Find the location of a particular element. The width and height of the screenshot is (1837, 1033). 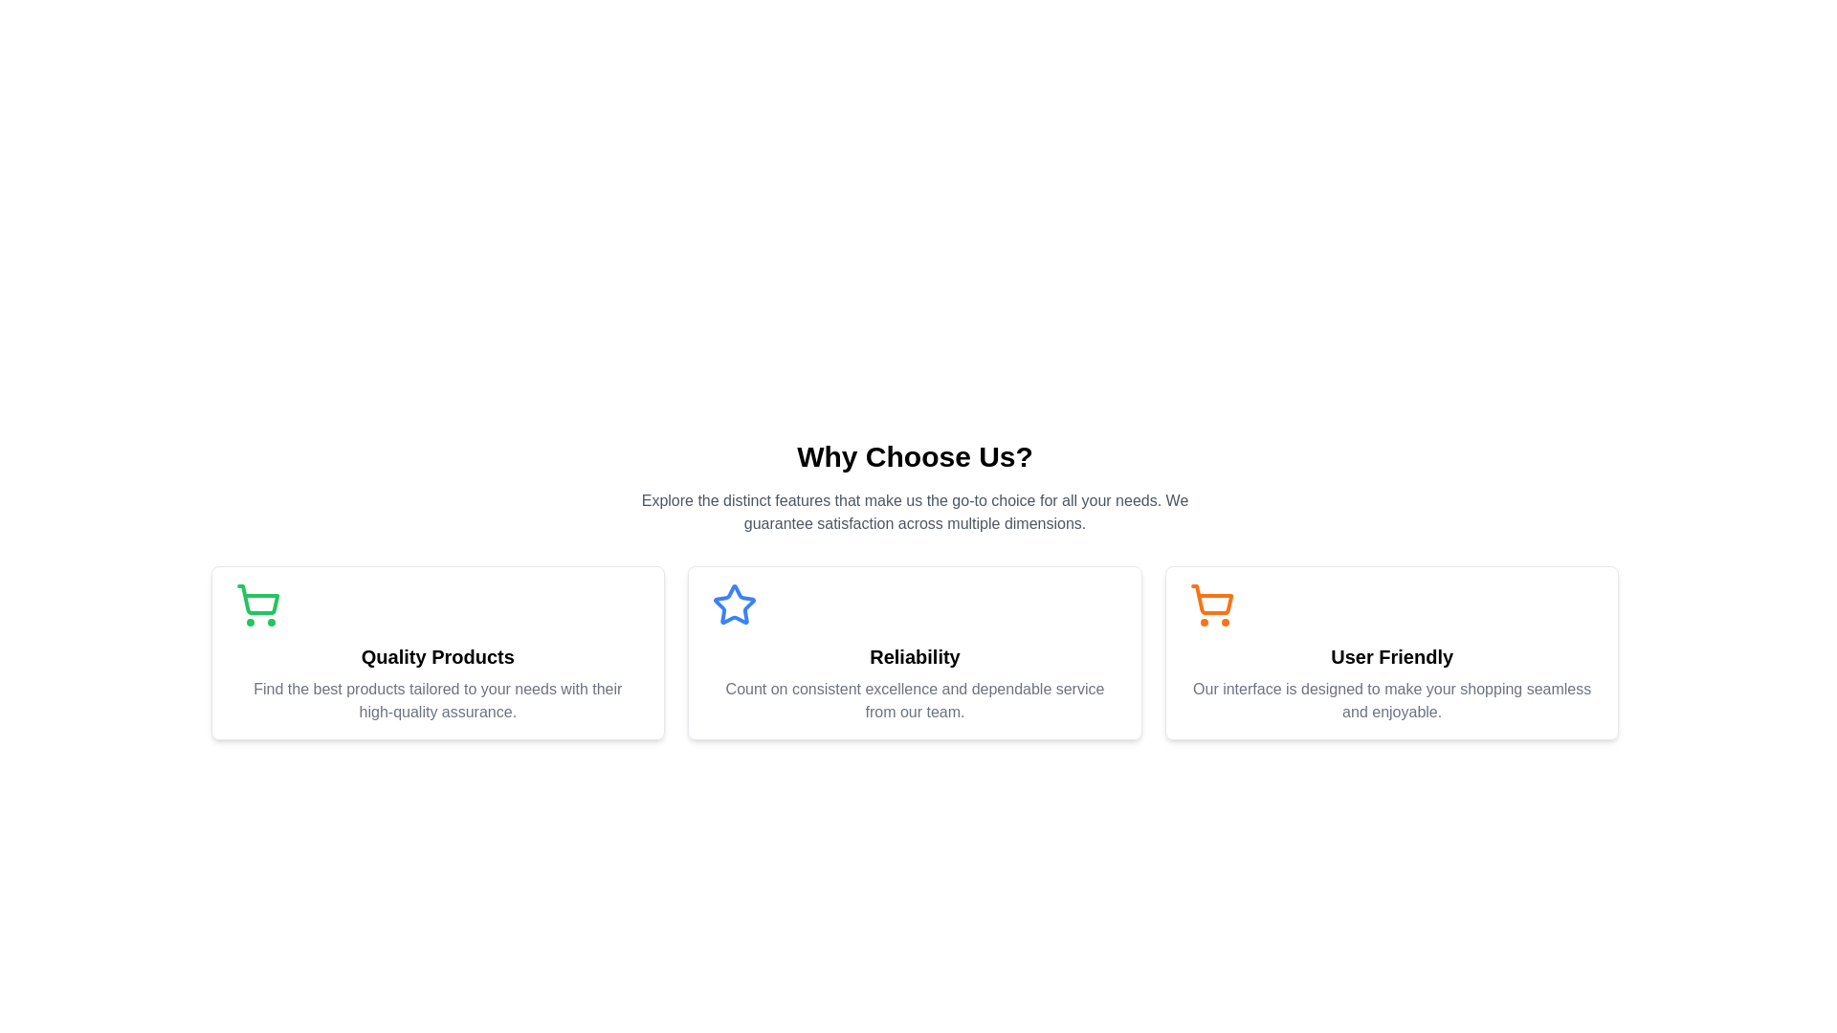

the Informational card featuring a cart icon in orange, titled 'User Friendly', located at the rightmost position in a three-column grid layout is located at coordinates (1392, 651).